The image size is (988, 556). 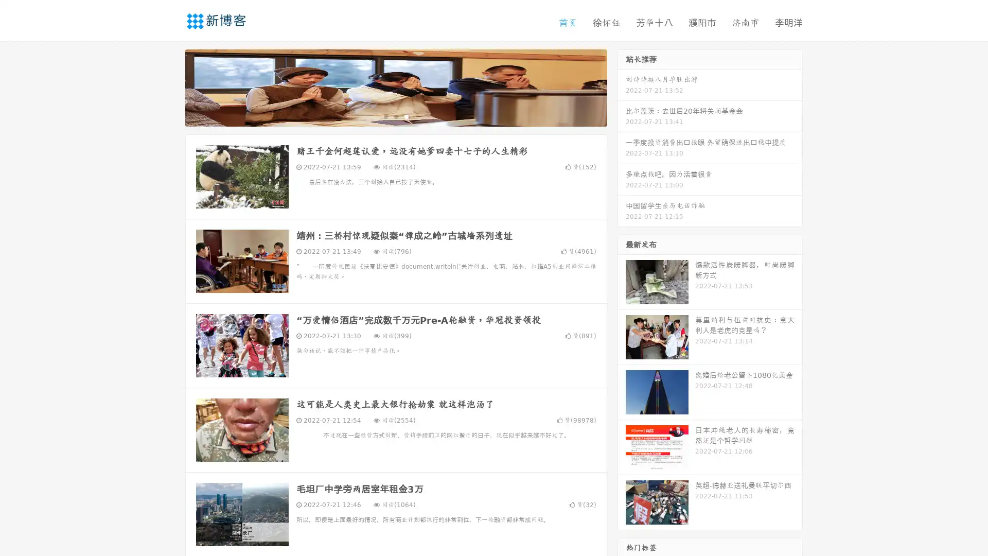 What do you see at coordinates (622, 86) in the screenshot?
I see `Next slide` at bounding box center [622, 86].